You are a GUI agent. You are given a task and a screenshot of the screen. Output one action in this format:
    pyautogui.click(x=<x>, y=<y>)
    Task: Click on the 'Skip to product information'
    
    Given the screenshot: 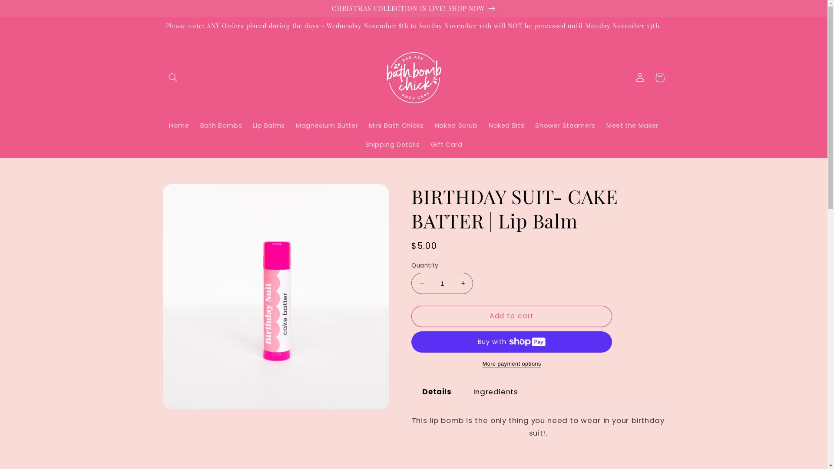 What is the action you would take?
    pyautogui.click(x=189, y=194)
    